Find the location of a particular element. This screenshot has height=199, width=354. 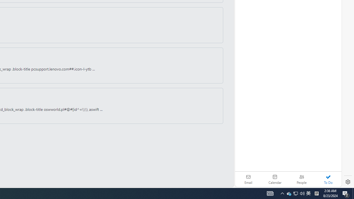

'Email' is located at coordinates (248, 179).